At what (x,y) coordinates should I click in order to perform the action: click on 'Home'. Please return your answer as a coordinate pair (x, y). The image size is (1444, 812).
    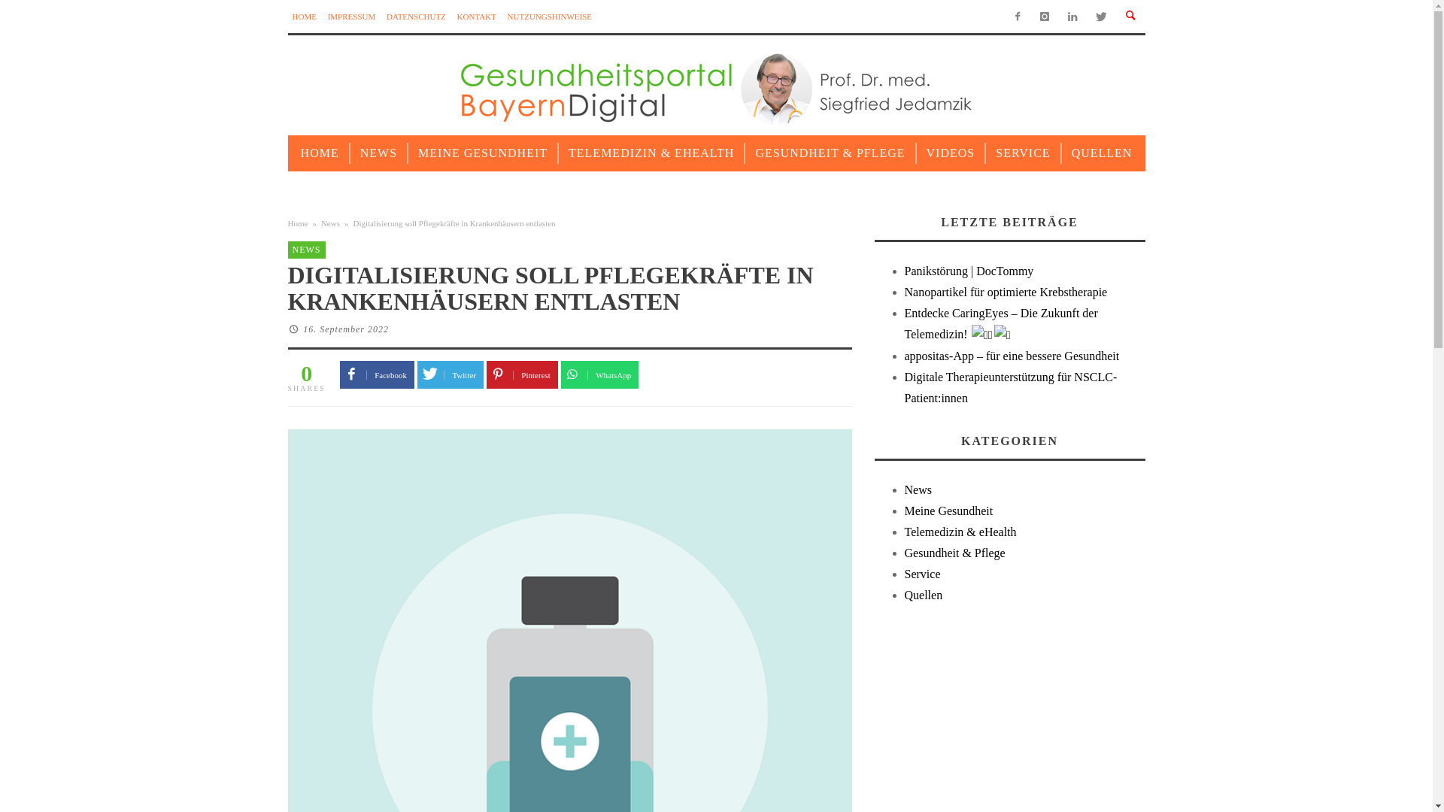
    Looking at the image, I should click on (297, 223).